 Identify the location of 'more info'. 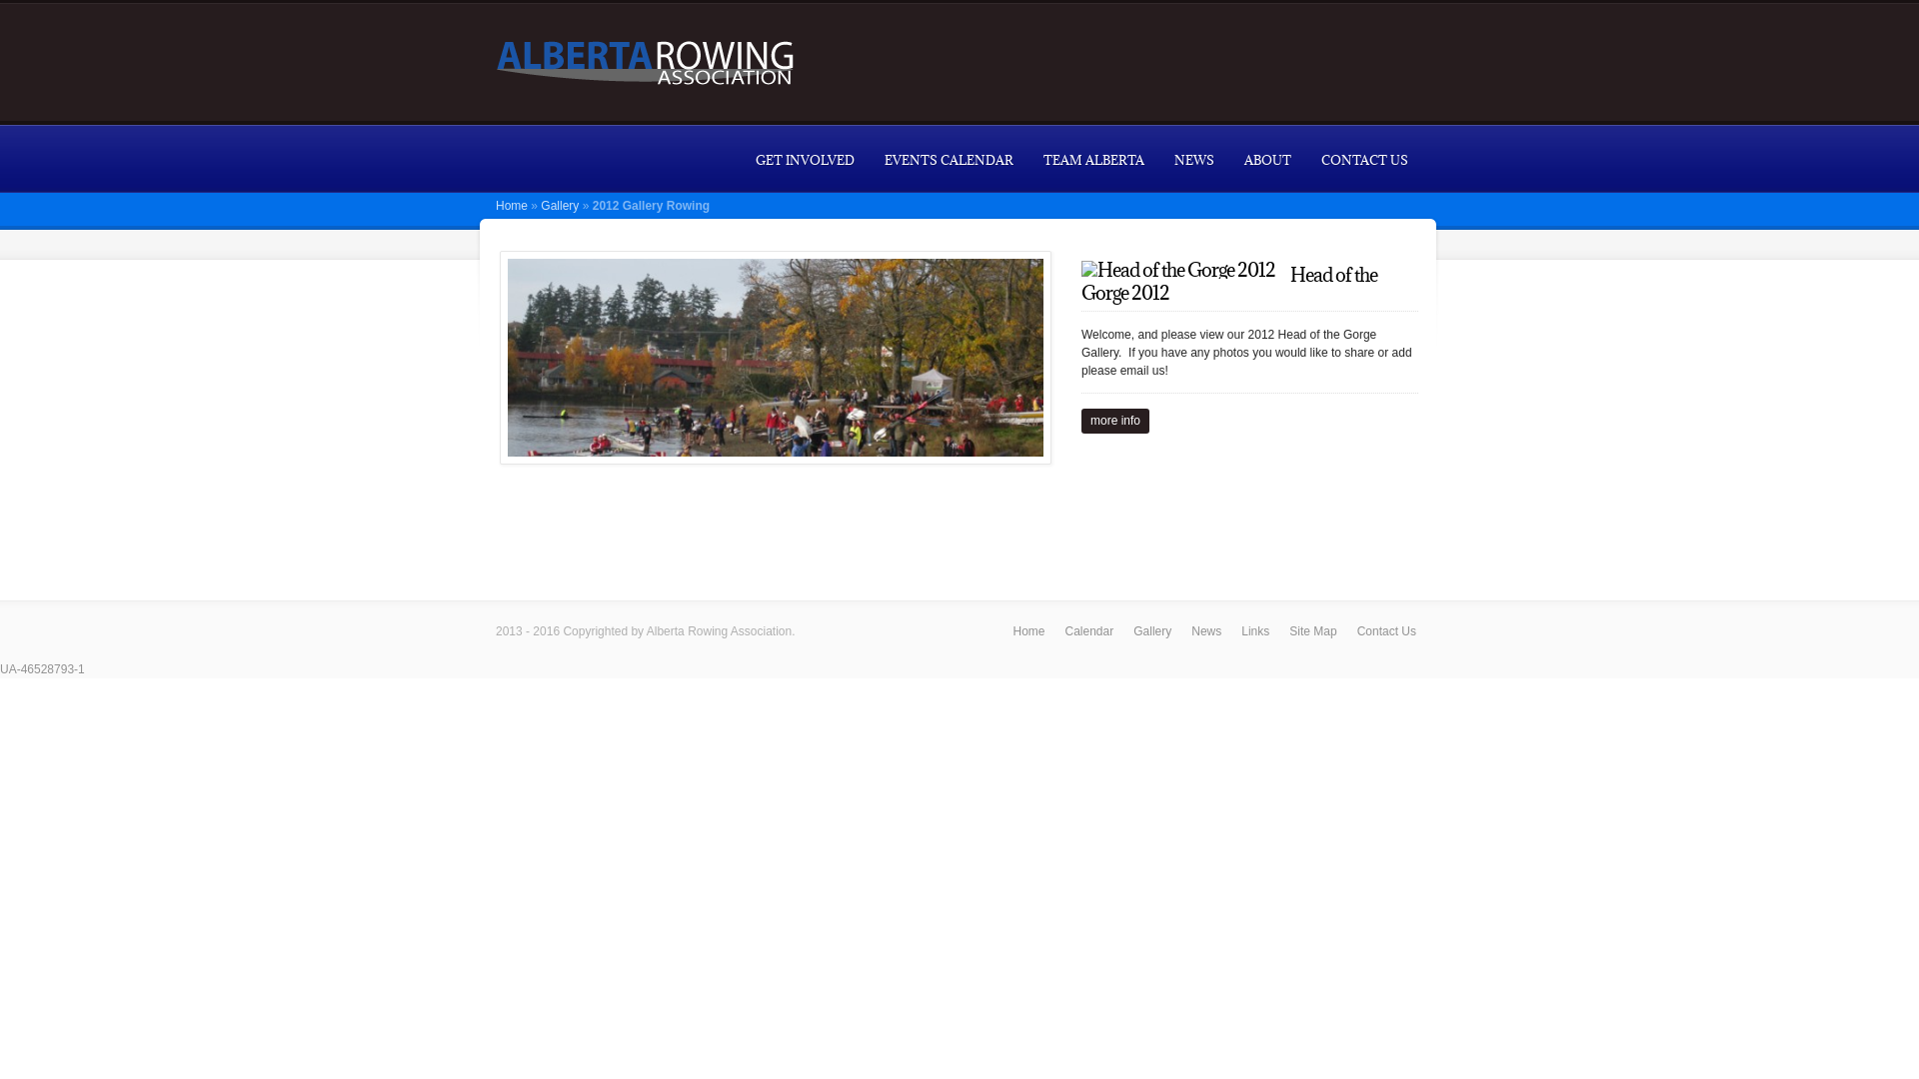
(1114, 420).